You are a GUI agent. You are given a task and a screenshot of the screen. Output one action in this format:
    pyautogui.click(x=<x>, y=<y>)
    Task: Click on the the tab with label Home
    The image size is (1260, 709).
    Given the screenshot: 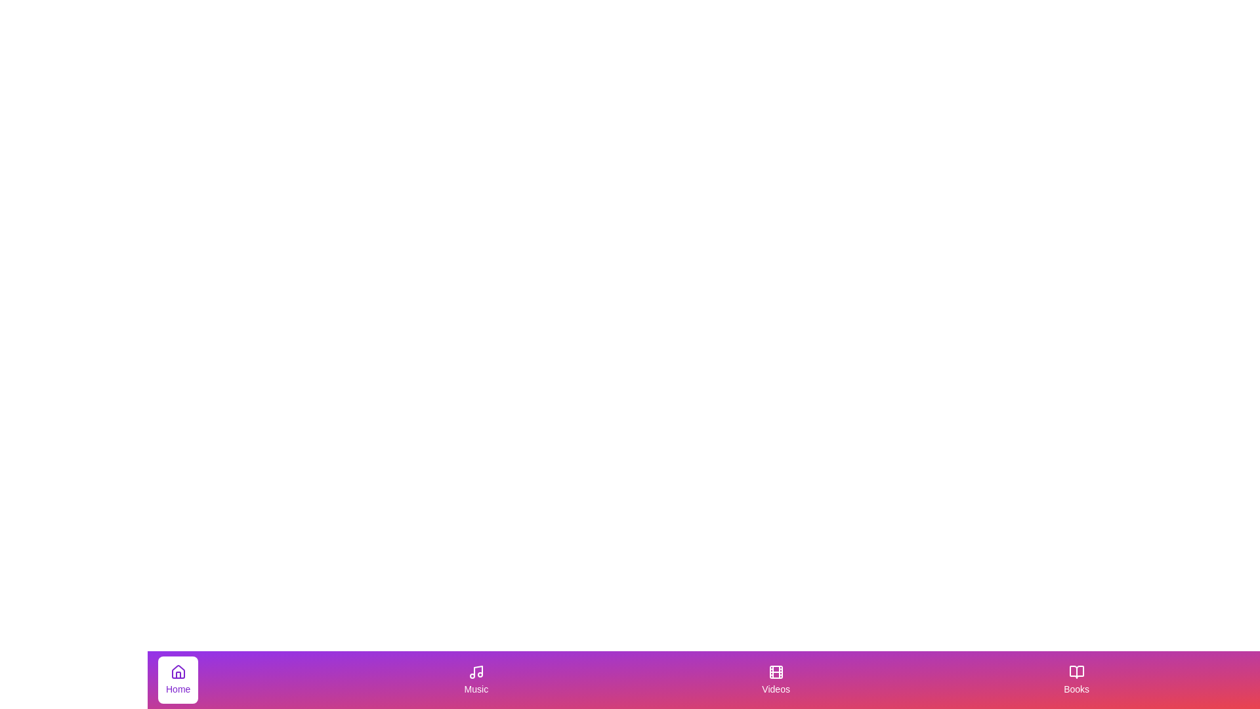 What is the action you would take?
    pyautogui.click(x=177, y=679)
    